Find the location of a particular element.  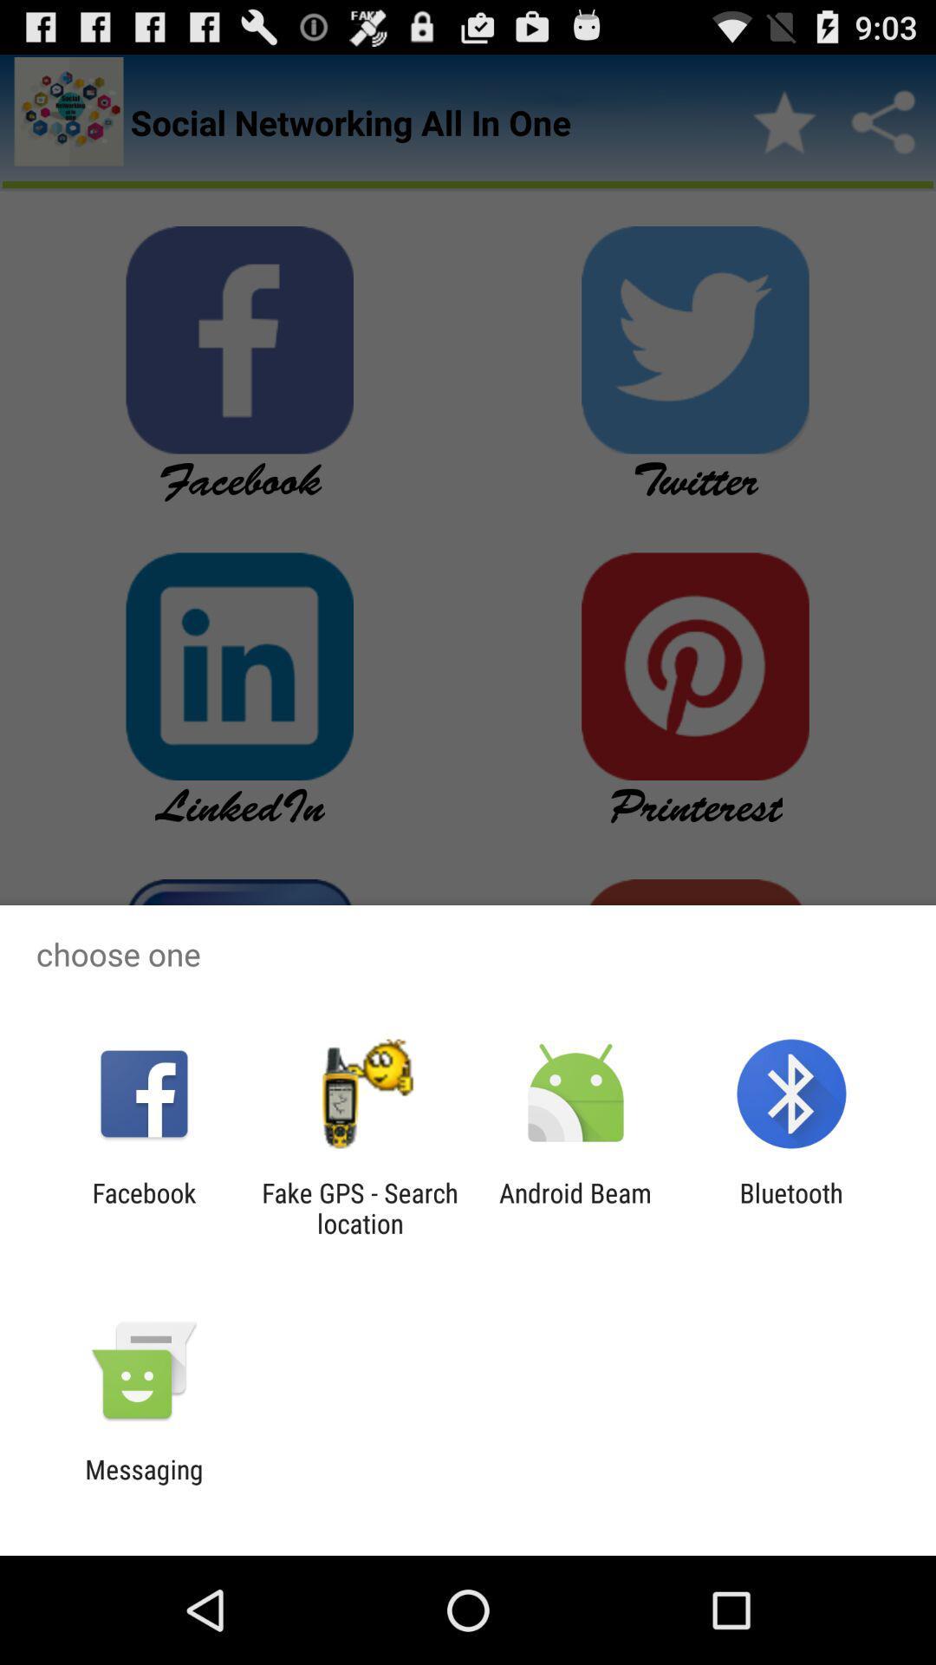

bluetooth app is located at coordinates (791, 1207).